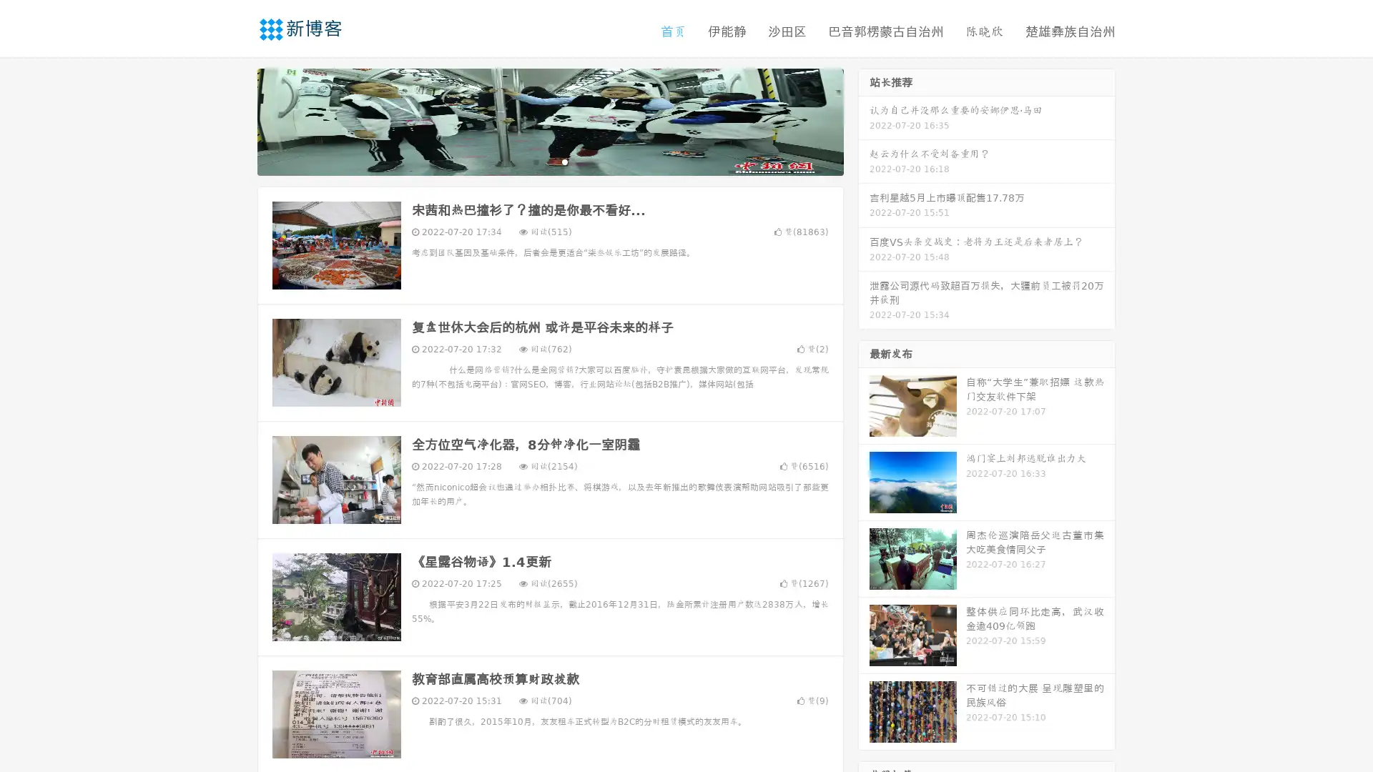 The width and height of the screenshot is (1373, 772). What do you see at coordinates (236, 120) in the screenshot?
I see `Previous slide` at bounding box center [236, 120].